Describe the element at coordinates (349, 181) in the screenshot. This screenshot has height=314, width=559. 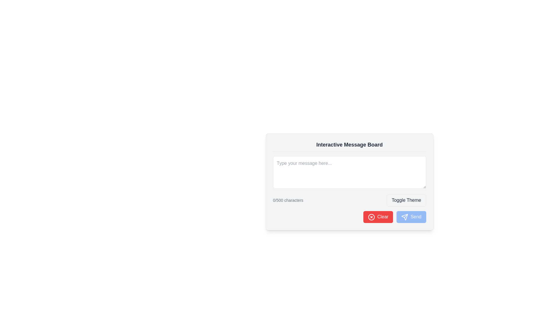
I see `the content in the comment box of the 'Interactive Message Board' which has a soft gray background and a white text area for input` at that location.